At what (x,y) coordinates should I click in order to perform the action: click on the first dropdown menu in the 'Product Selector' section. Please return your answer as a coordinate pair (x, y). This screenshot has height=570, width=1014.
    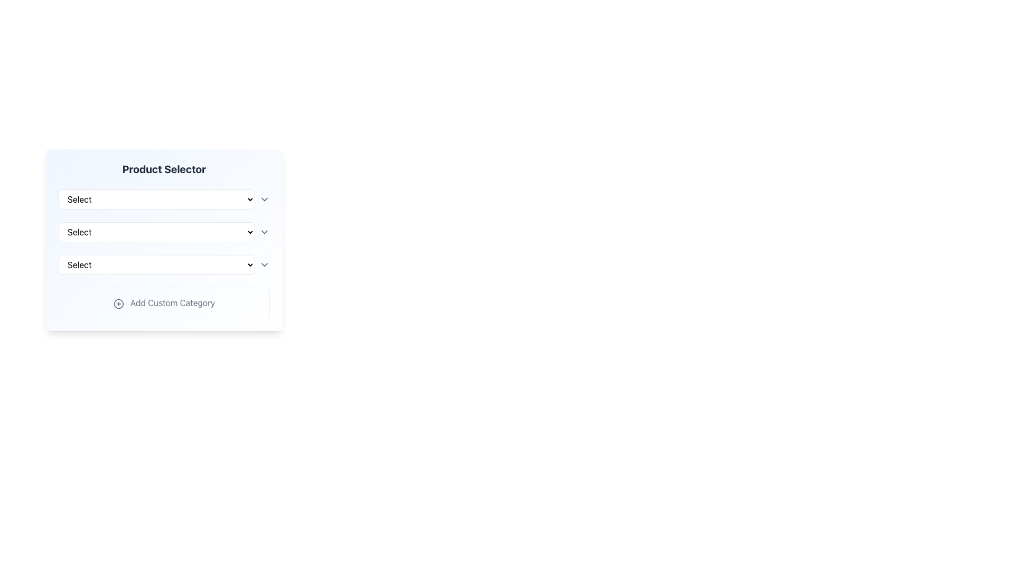
    Looking at the image, I should click on (164, 199).